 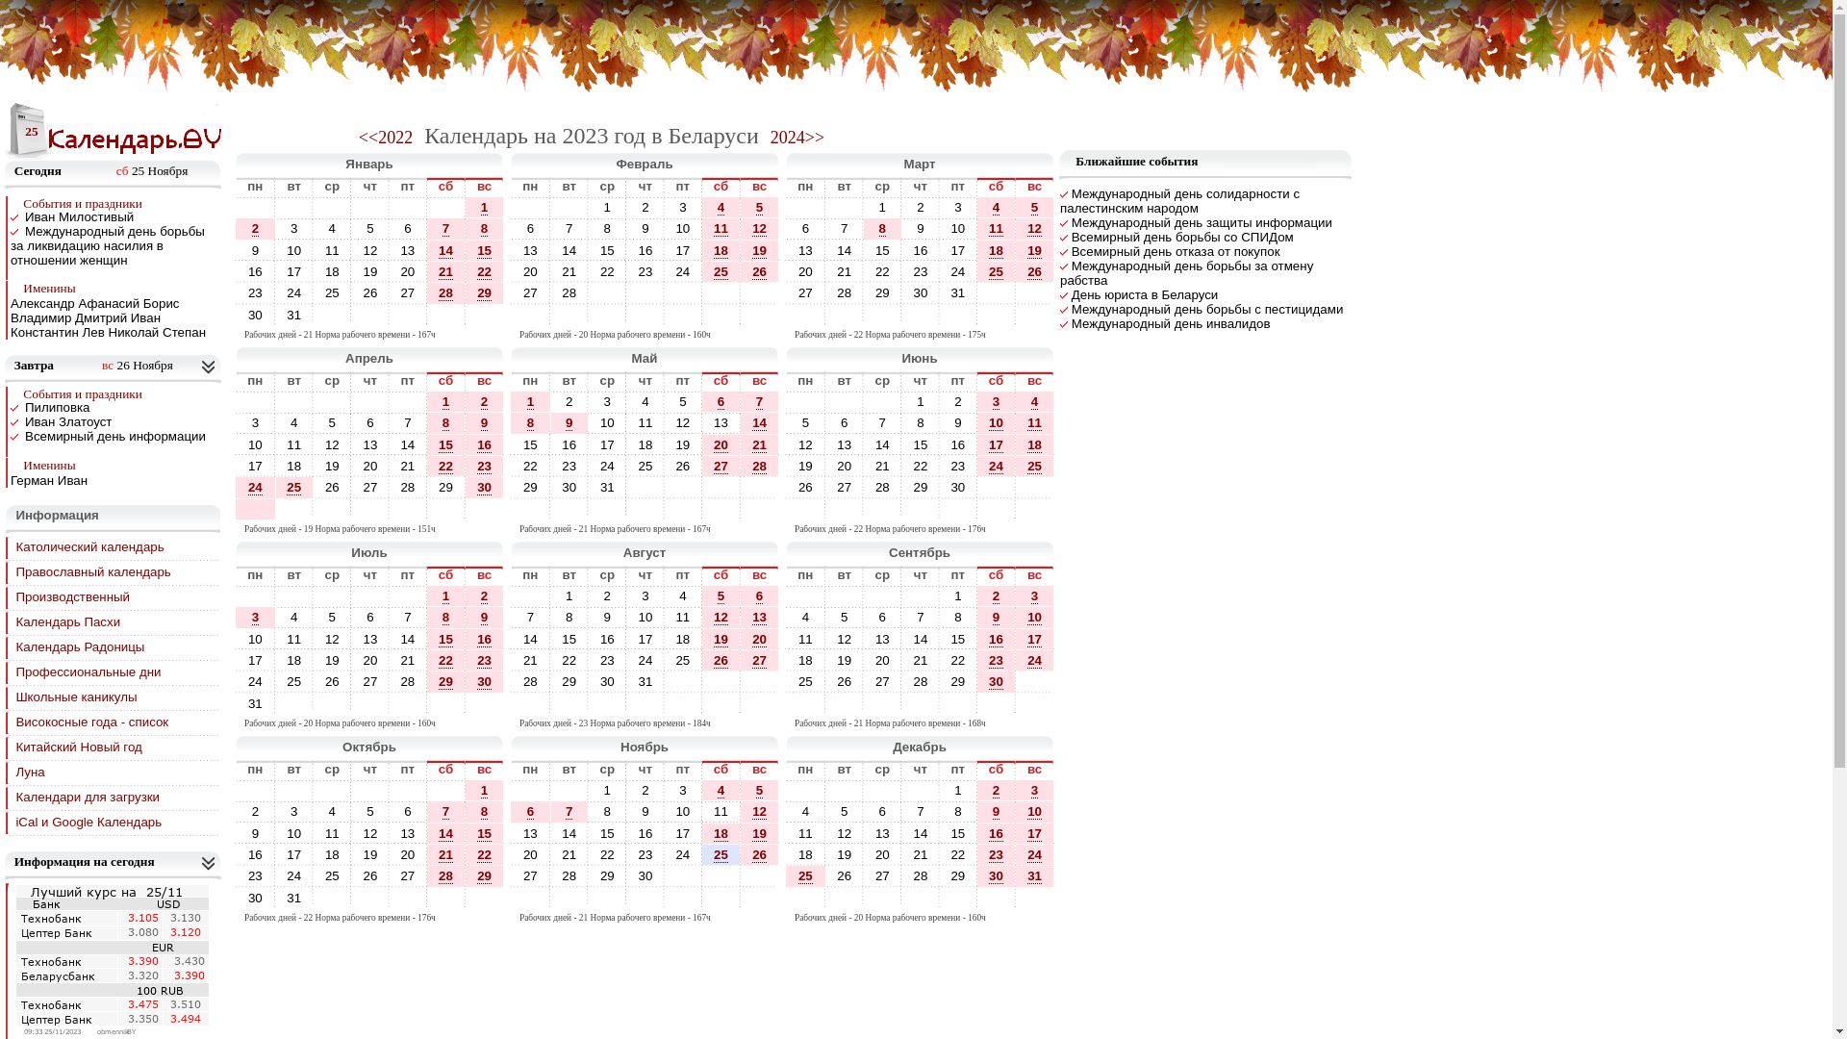 What do you see at coordinates (758, 271) in the screenshot?
I see `'26'` at bounding box center [758, 271].